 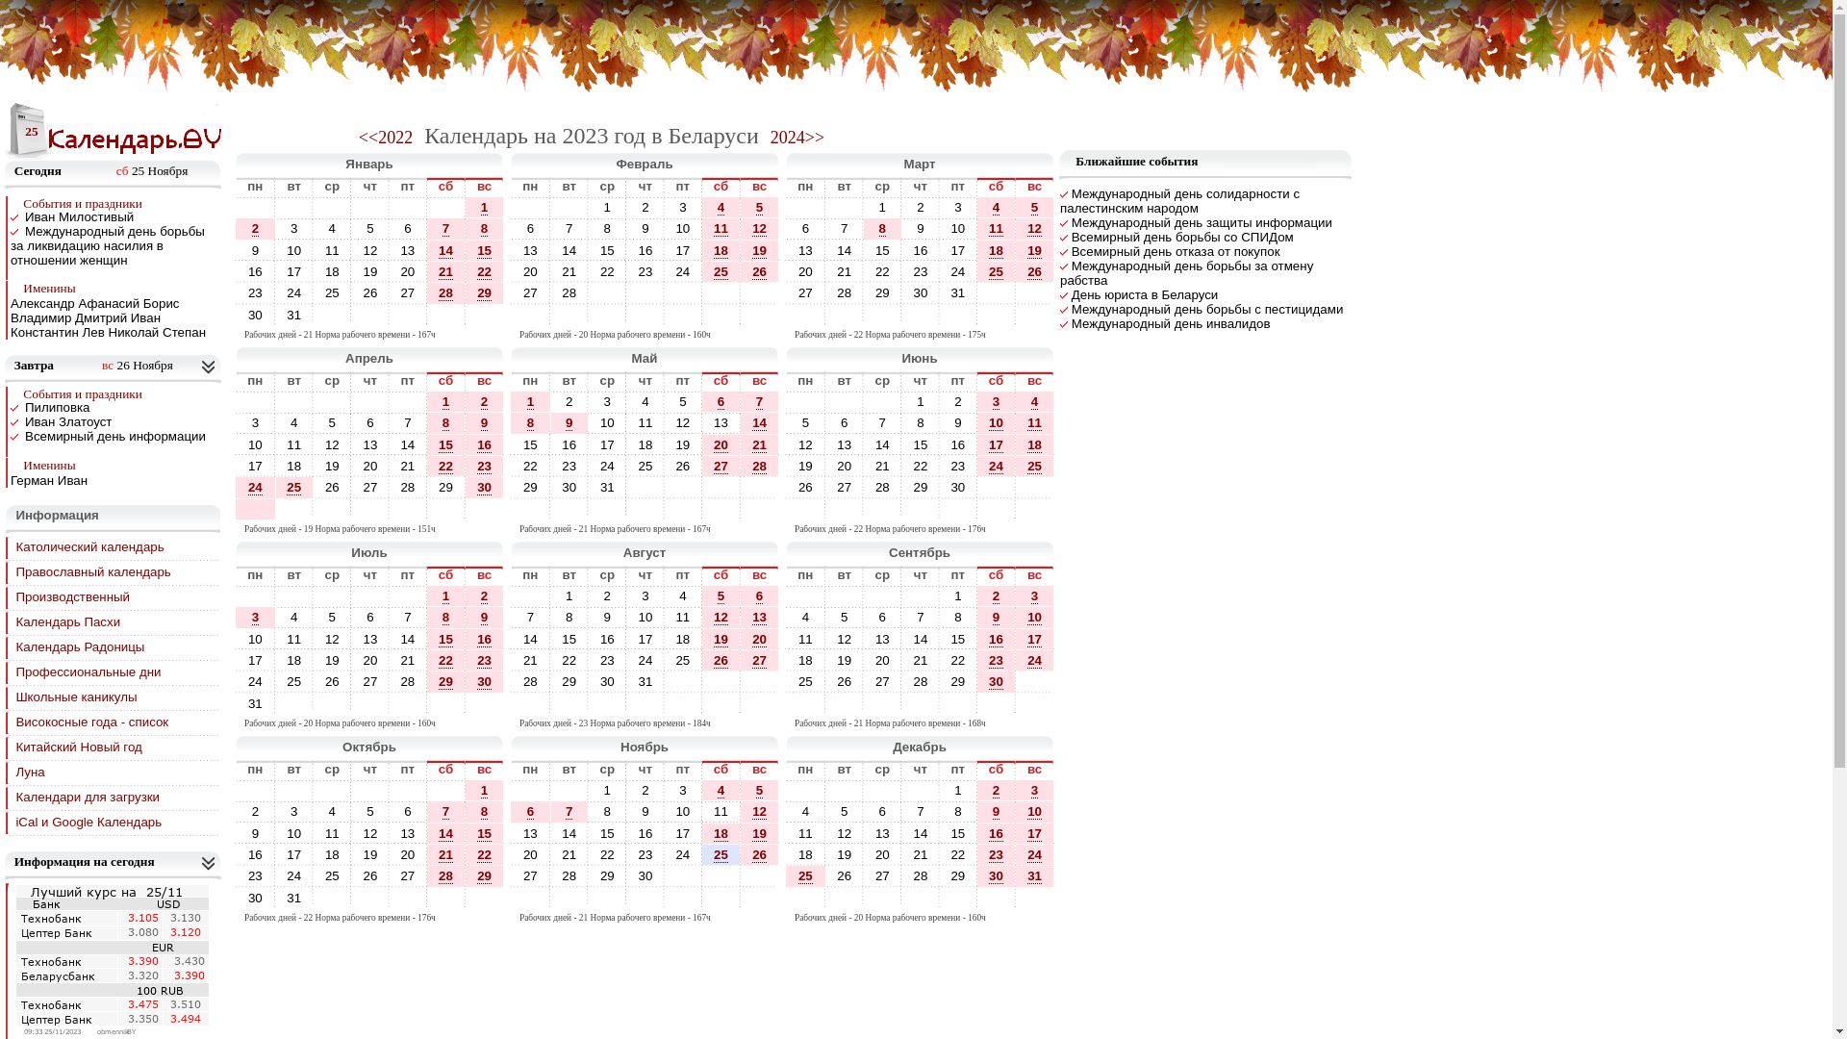 What do you see at coordinates (758, 271) in the screenshot?
I see `'26'` at bounding box center [758, 271].